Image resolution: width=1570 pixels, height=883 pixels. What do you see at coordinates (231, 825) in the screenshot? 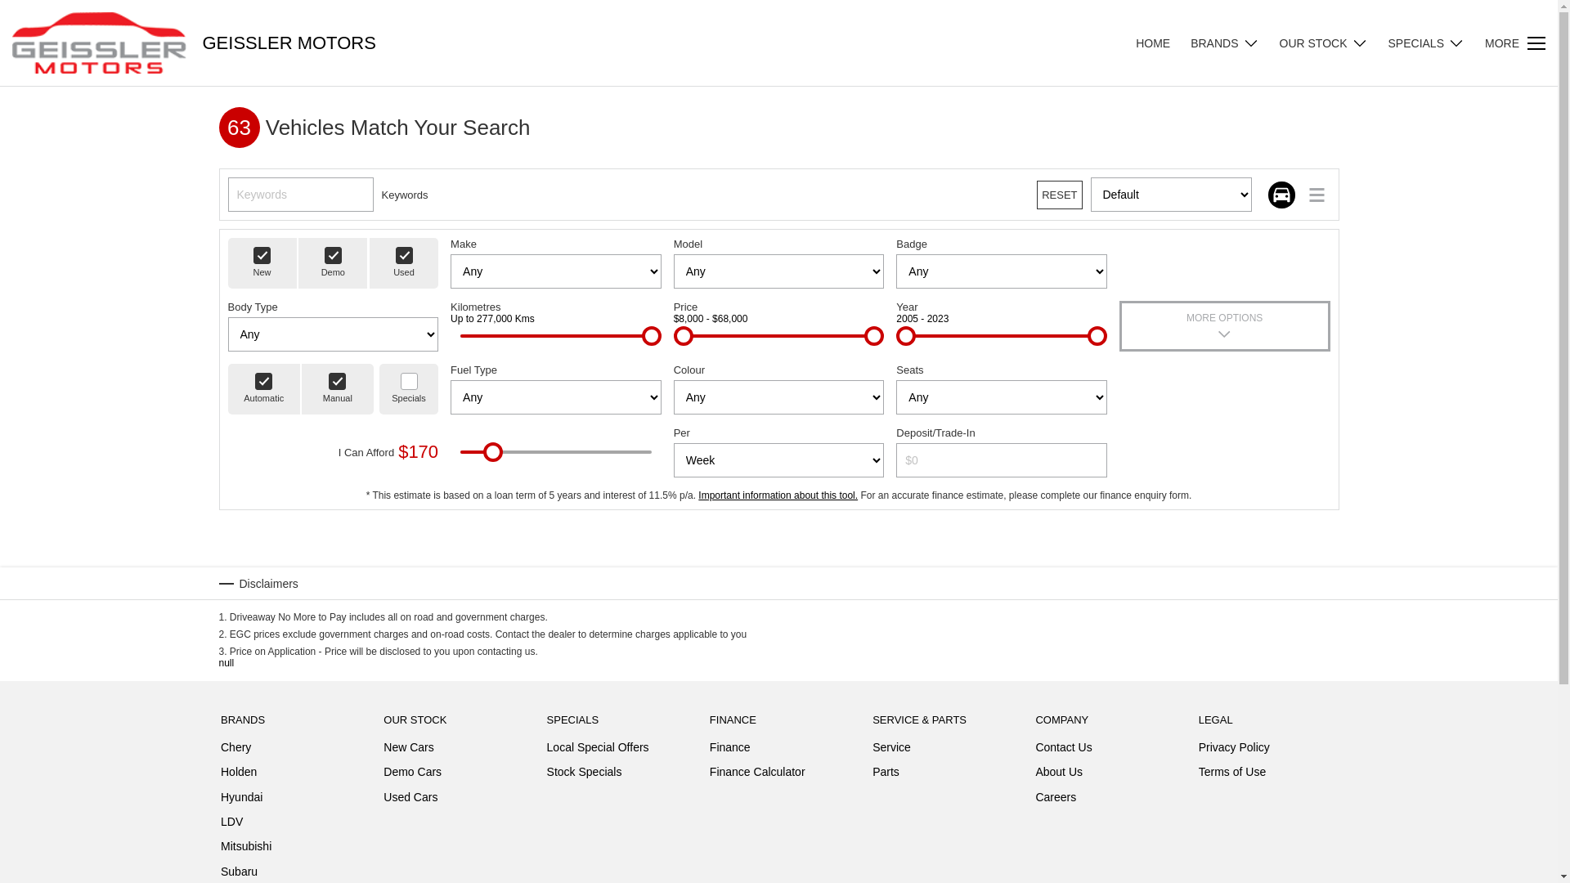
I see `'LDV'` at bounding box center [231, 825].